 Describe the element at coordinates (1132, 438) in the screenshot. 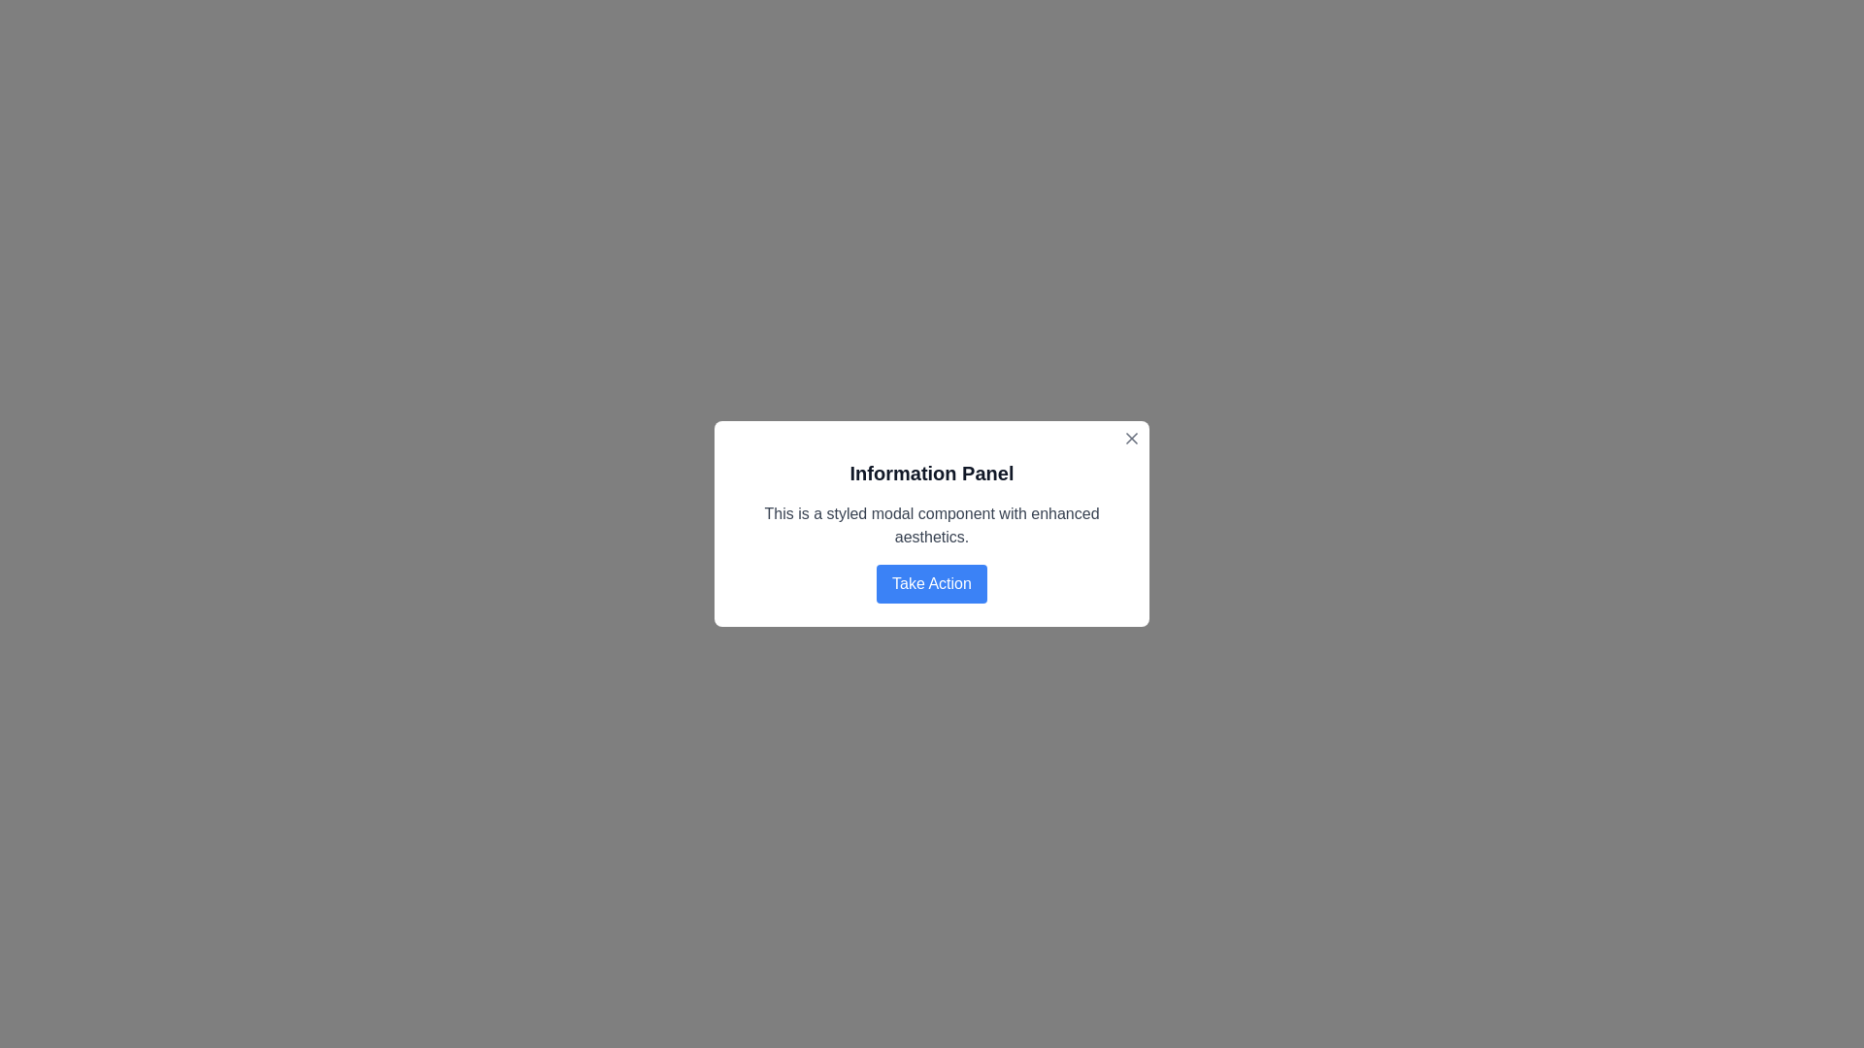

I see `the visual appearance of the diagonal stroke of the 'X' icon located at the top-right corner of the modal dialog` at that location.